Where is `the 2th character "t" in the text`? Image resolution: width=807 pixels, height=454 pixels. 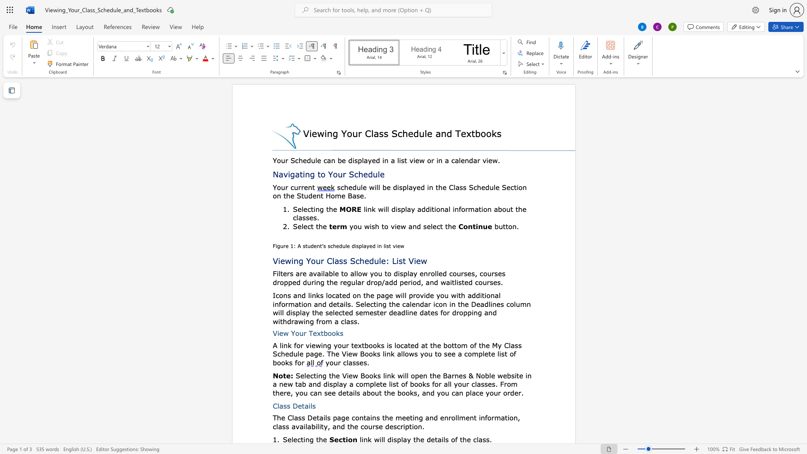
the 2th character "t" in the text is located at coordinates (317, 439).